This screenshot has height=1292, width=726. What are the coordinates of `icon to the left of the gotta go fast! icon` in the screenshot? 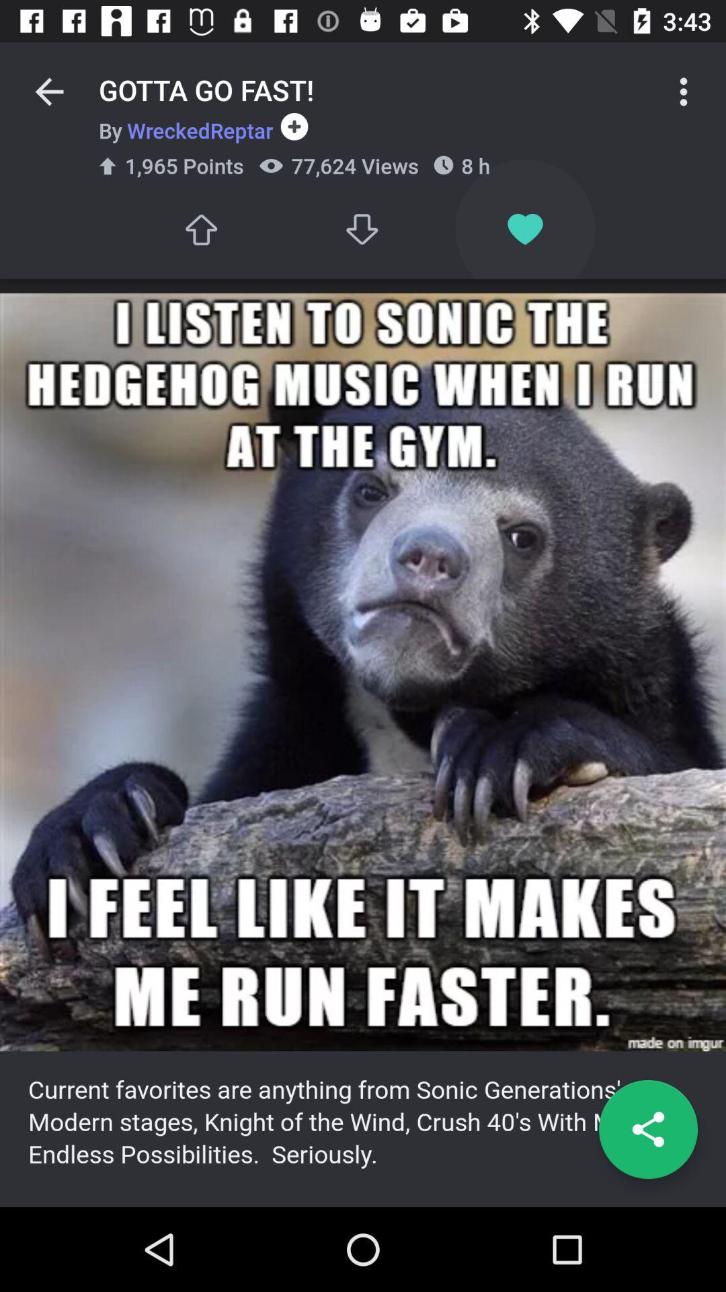 It's located at (48, 91).